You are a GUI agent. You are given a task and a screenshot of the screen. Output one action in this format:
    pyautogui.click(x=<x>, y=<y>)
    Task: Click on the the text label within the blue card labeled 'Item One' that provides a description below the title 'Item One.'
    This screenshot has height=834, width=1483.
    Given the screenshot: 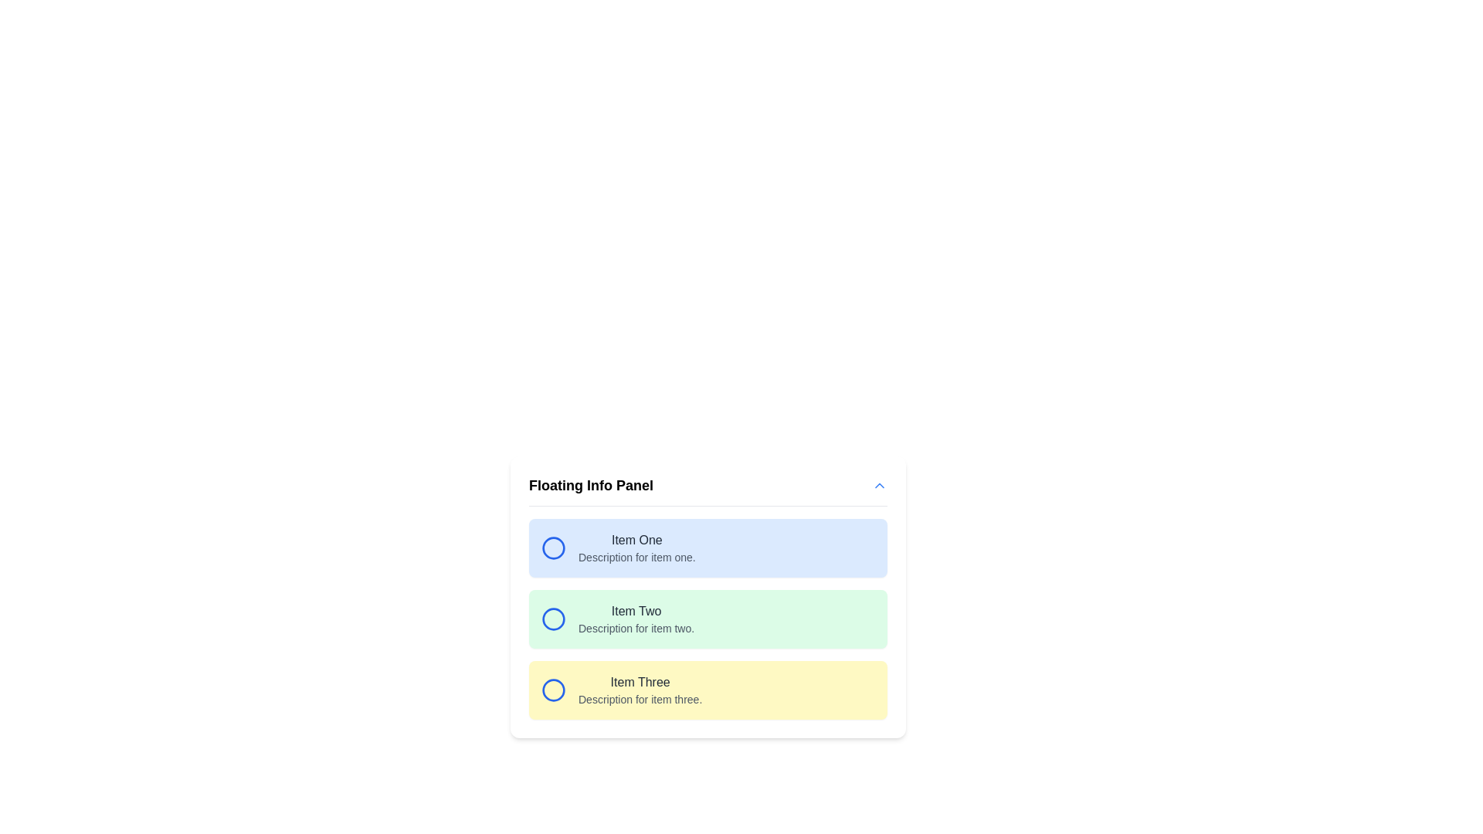 What is the action you would take?
    pyautogui.click(x=636, y=557)
    